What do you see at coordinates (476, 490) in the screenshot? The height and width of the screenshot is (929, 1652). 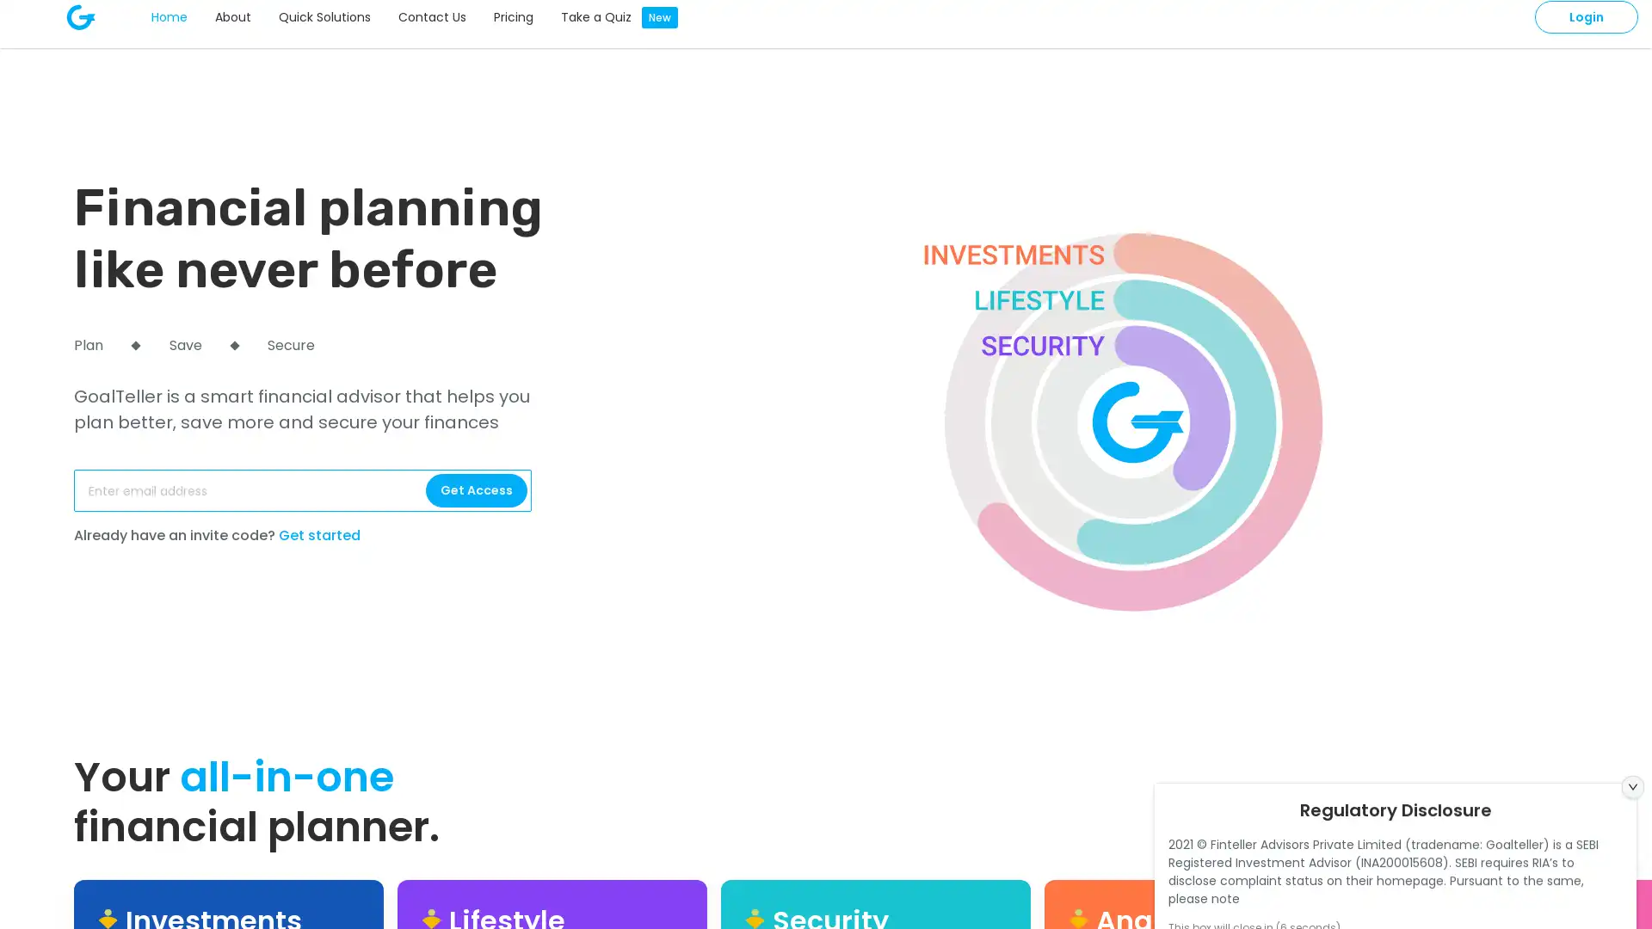 I see `Get Access` at bounding box center [476, 490].